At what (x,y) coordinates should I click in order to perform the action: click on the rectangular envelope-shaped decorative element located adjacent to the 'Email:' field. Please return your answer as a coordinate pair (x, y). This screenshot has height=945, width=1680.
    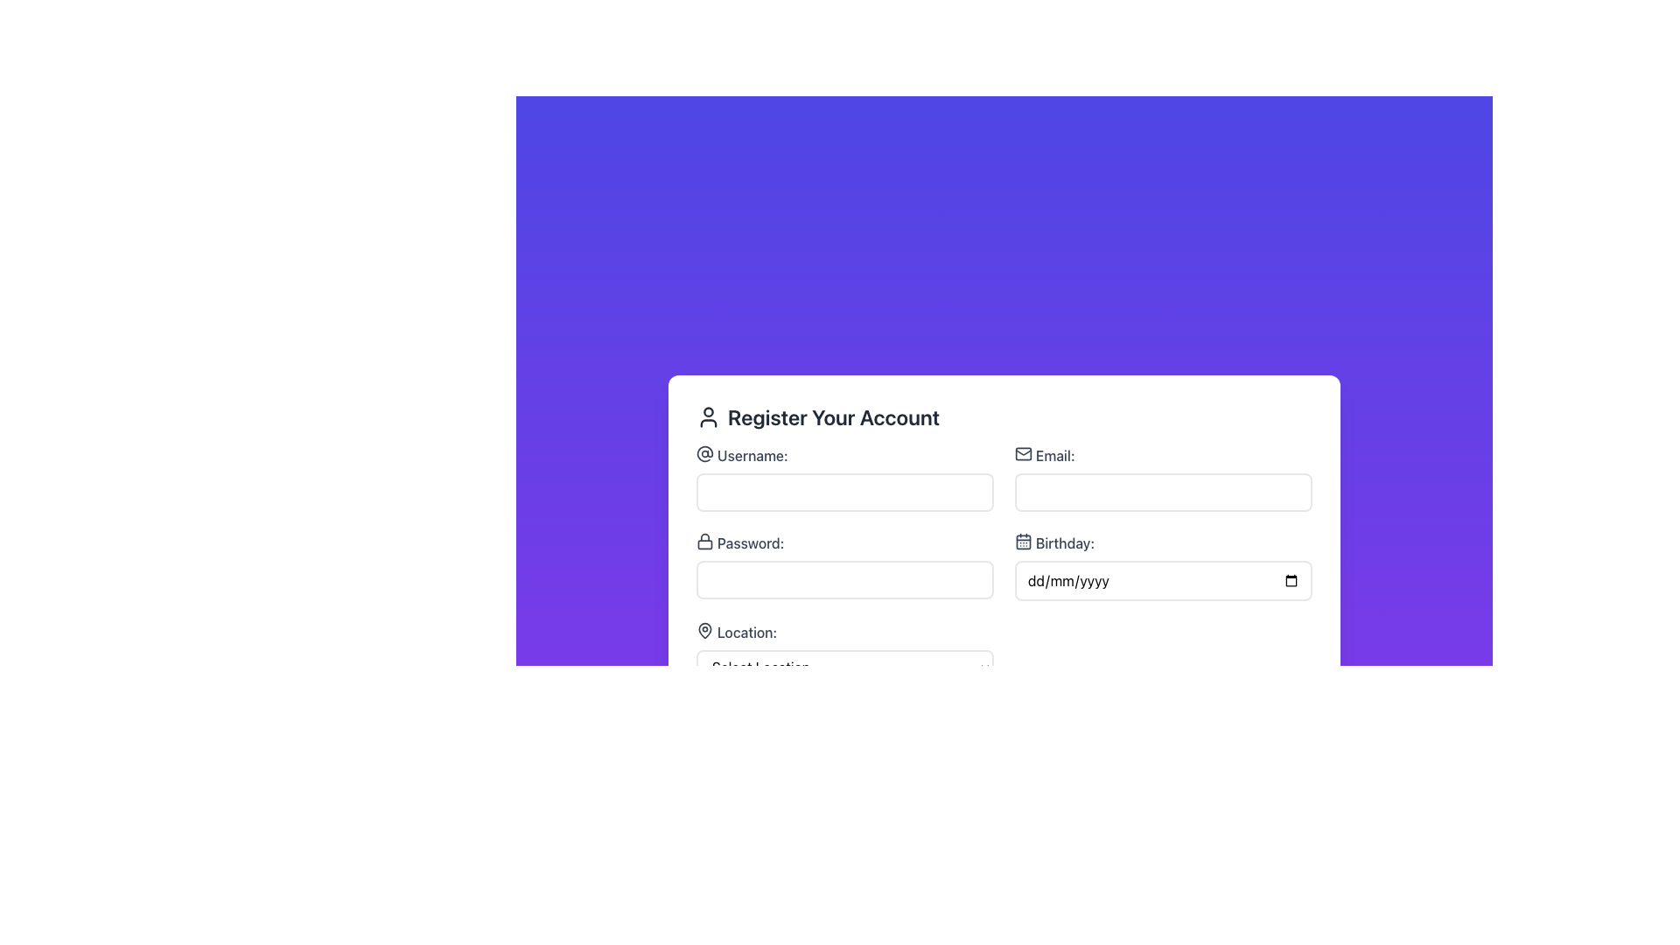
    Looking at the image, I should click on (1024, 453).